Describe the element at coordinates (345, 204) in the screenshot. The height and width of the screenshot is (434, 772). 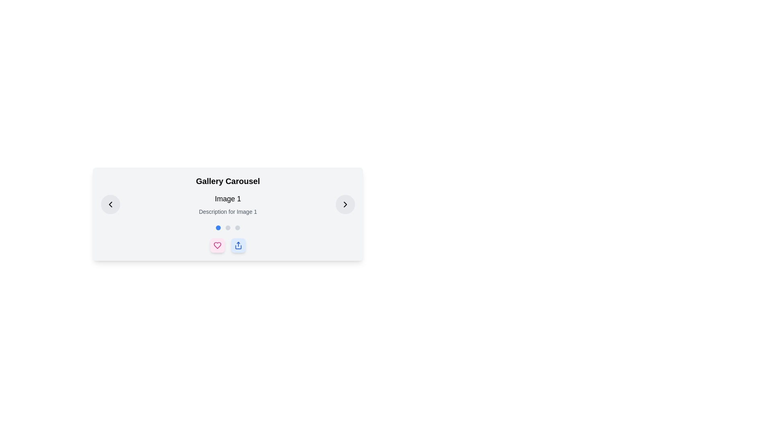
I see `the right-pointing triangular arrow icon located in the center of the right-hand circular navigation button of the carousel` at that location.